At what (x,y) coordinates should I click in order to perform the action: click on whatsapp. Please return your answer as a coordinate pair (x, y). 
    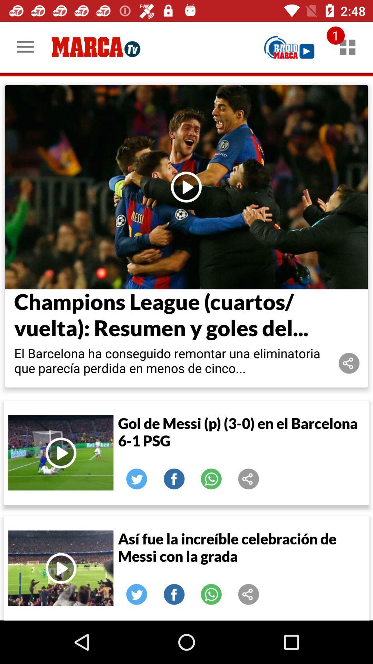
    Looking at the image, I should click on (211, 479).